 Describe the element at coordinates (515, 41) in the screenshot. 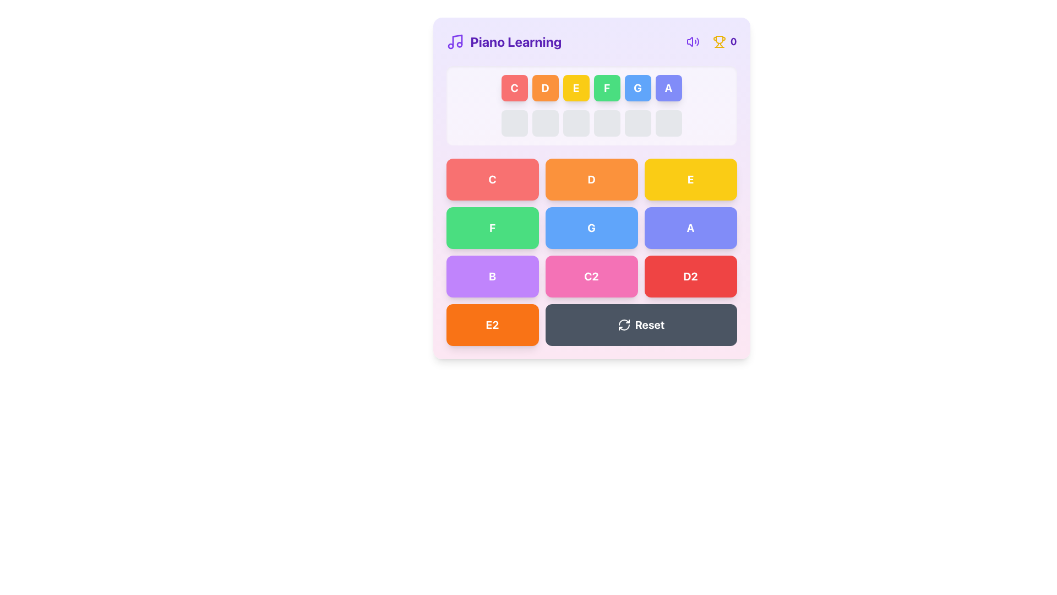

I see `the text label that serves as a title or heading for the interface content, located to the right of a music note icon in the top-left corner of the interface` at that location.